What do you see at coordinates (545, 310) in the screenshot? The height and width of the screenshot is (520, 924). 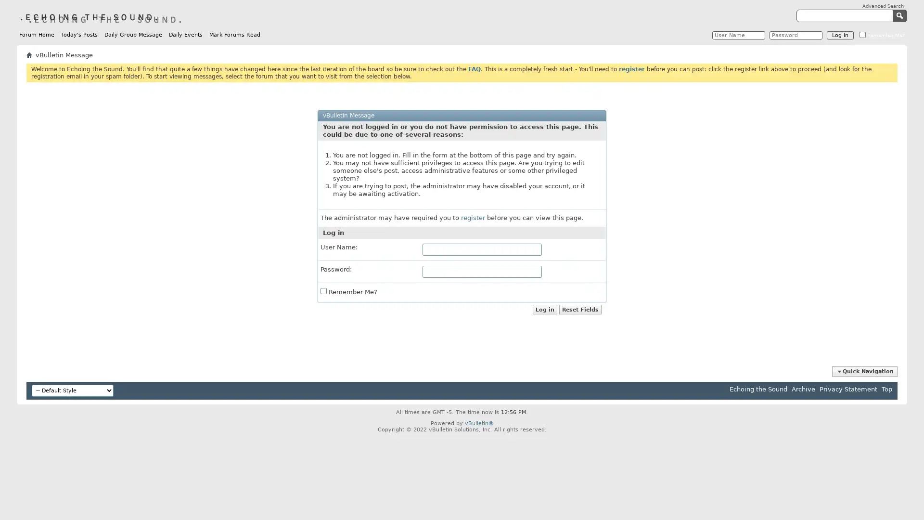 I see `Log in` at bounding box center [545, 310].